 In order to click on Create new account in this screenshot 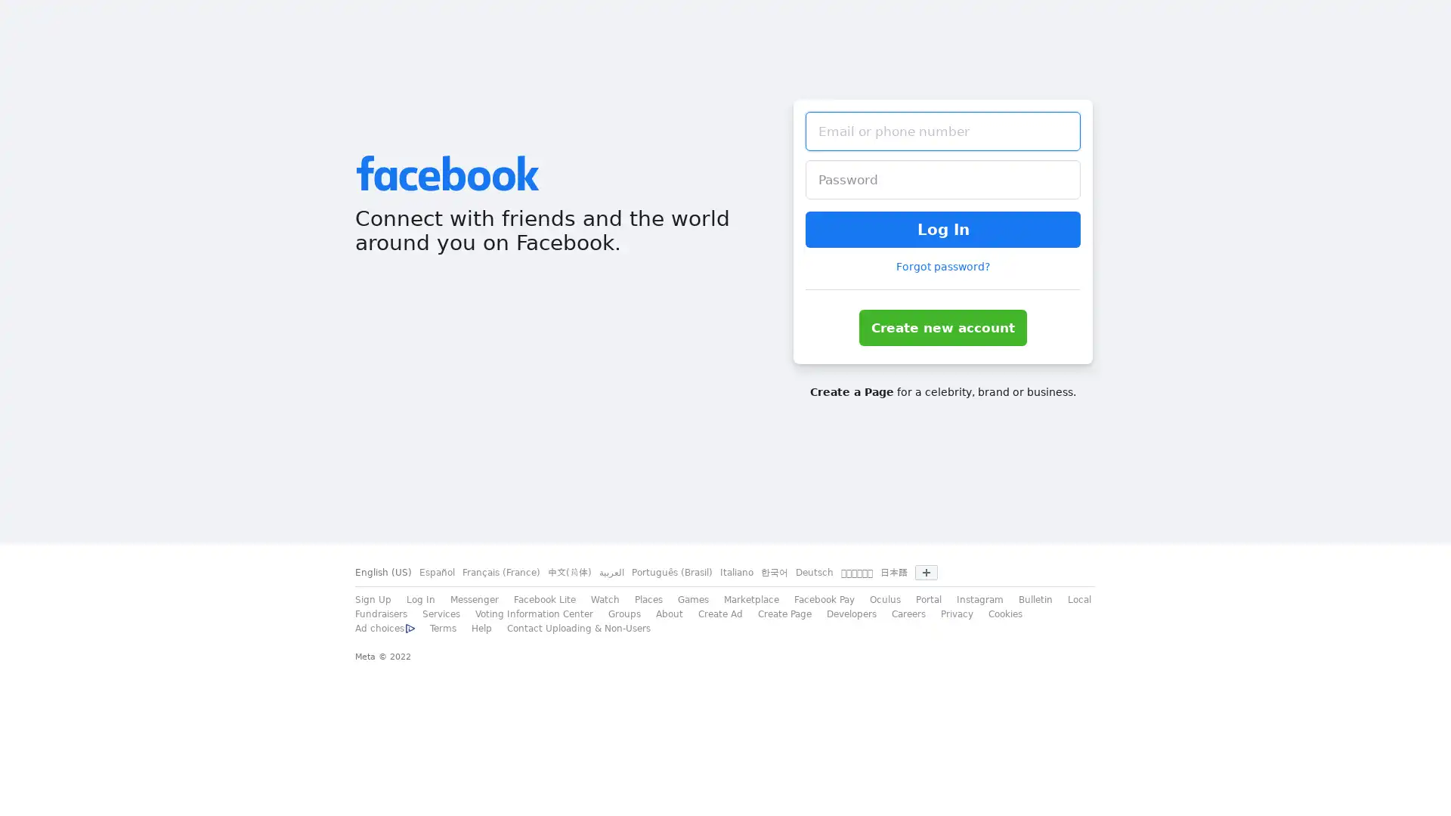, I will do `click(942, 326)`.